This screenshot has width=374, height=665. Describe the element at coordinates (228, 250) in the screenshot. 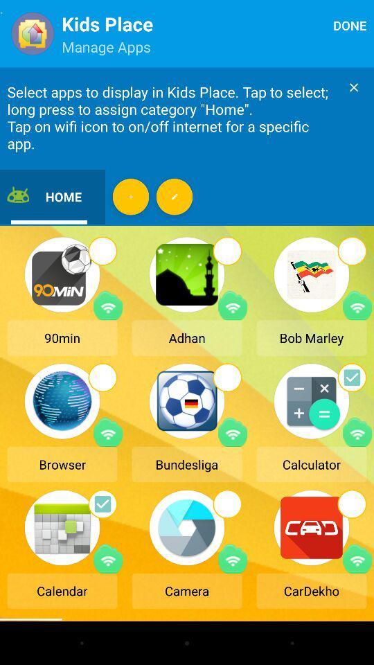

I see `the circle shown at the top of second image in the first row` at that location.